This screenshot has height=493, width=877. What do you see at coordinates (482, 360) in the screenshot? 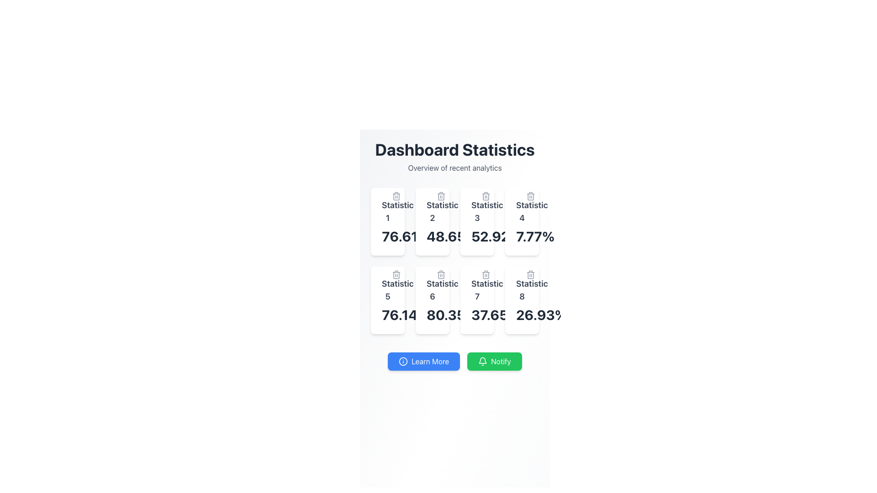
I see `the green bell-shaped icon within the 'Notify' button at the bottom right corner` at bounding box center [482, 360].